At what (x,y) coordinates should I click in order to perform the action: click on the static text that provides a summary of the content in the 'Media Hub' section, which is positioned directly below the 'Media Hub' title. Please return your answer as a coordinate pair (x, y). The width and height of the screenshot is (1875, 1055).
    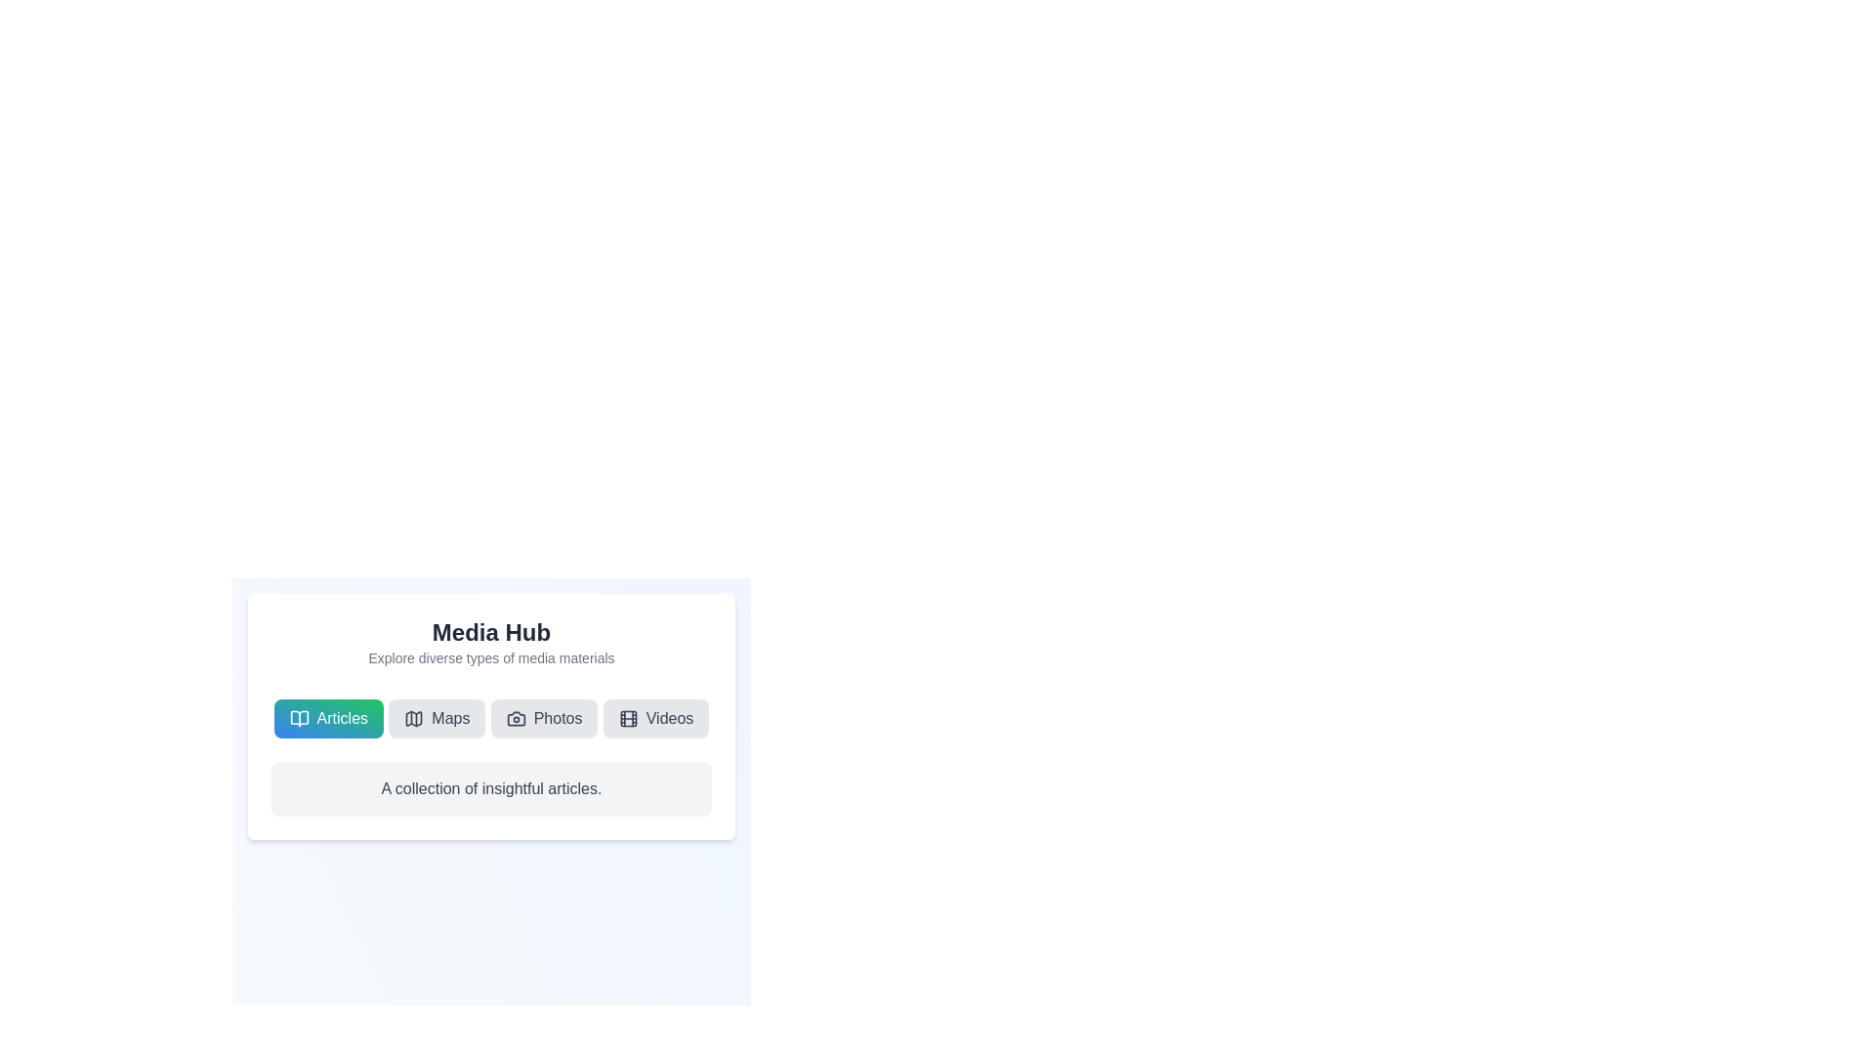
    Looking at the image, I should click on (491, 658).